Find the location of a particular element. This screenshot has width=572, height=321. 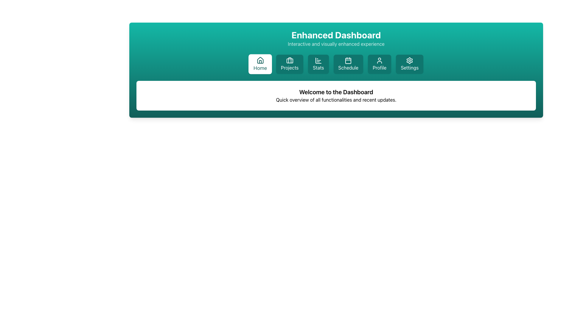

the Settings button located at the end of the horizontal list of interactive cards is located at coordinates (409, 64).